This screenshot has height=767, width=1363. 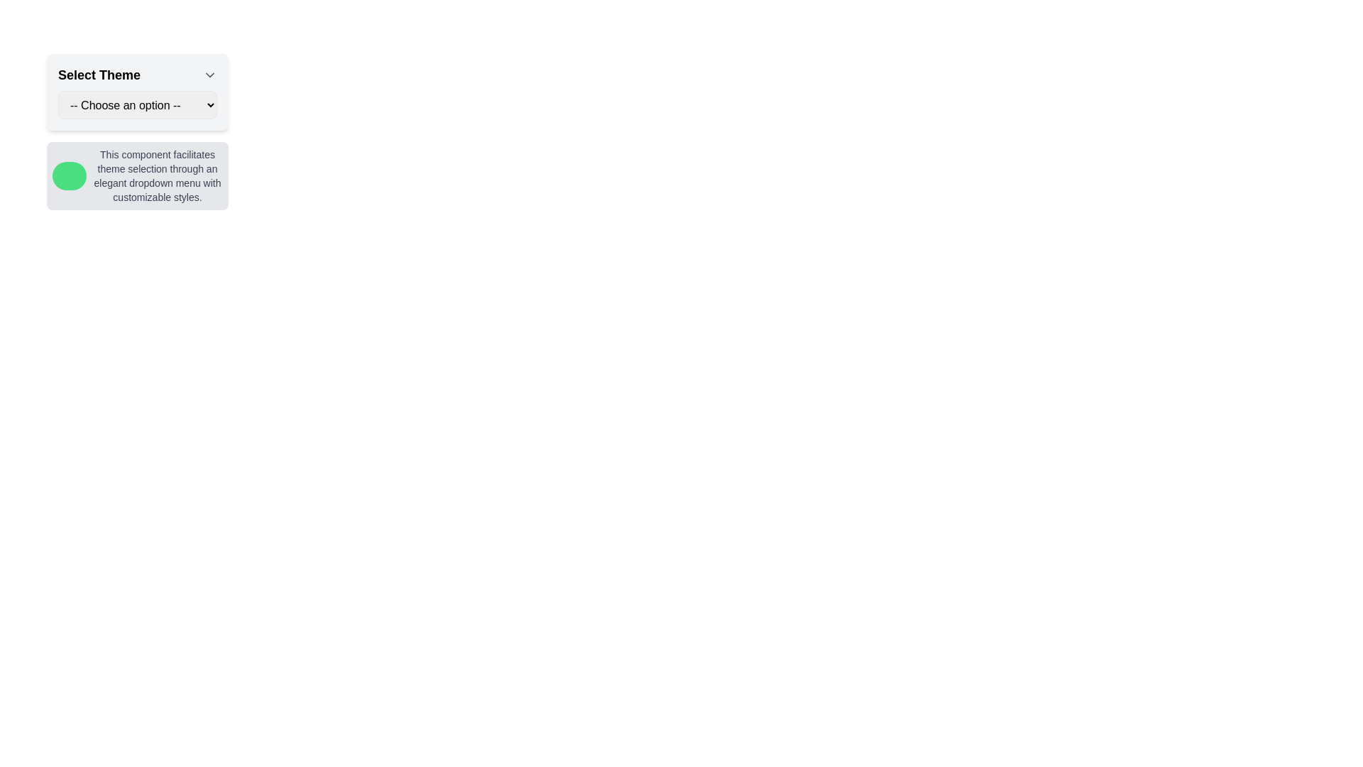 What do you see at coordinates (98, 75) in the screenshot?
I see `label element located at the top left corner of the theme selection section, which introduces the theme selection functionality` at bounding box center [98, 75].